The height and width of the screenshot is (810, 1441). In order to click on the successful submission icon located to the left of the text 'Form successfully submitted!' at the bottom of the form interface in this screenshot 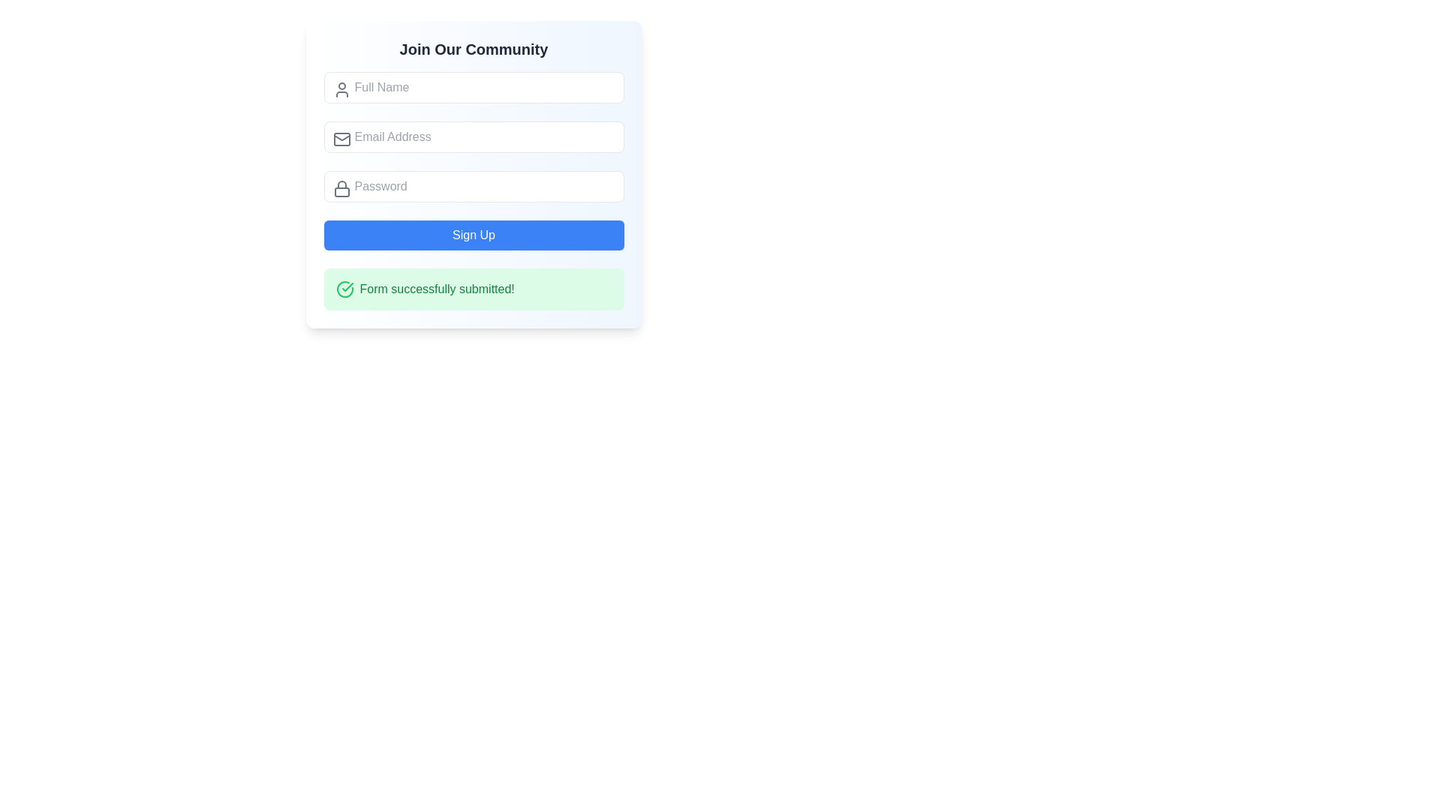, I will do `click(344, 289)`.